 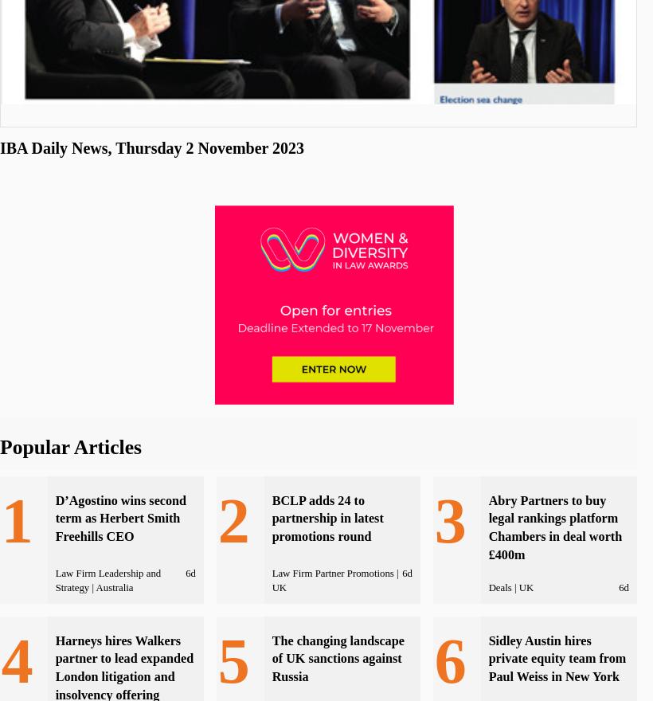 What do you see at coordinates (448, 519) in the screenshot?
I see `'3'` at bounding box center [448, 519].